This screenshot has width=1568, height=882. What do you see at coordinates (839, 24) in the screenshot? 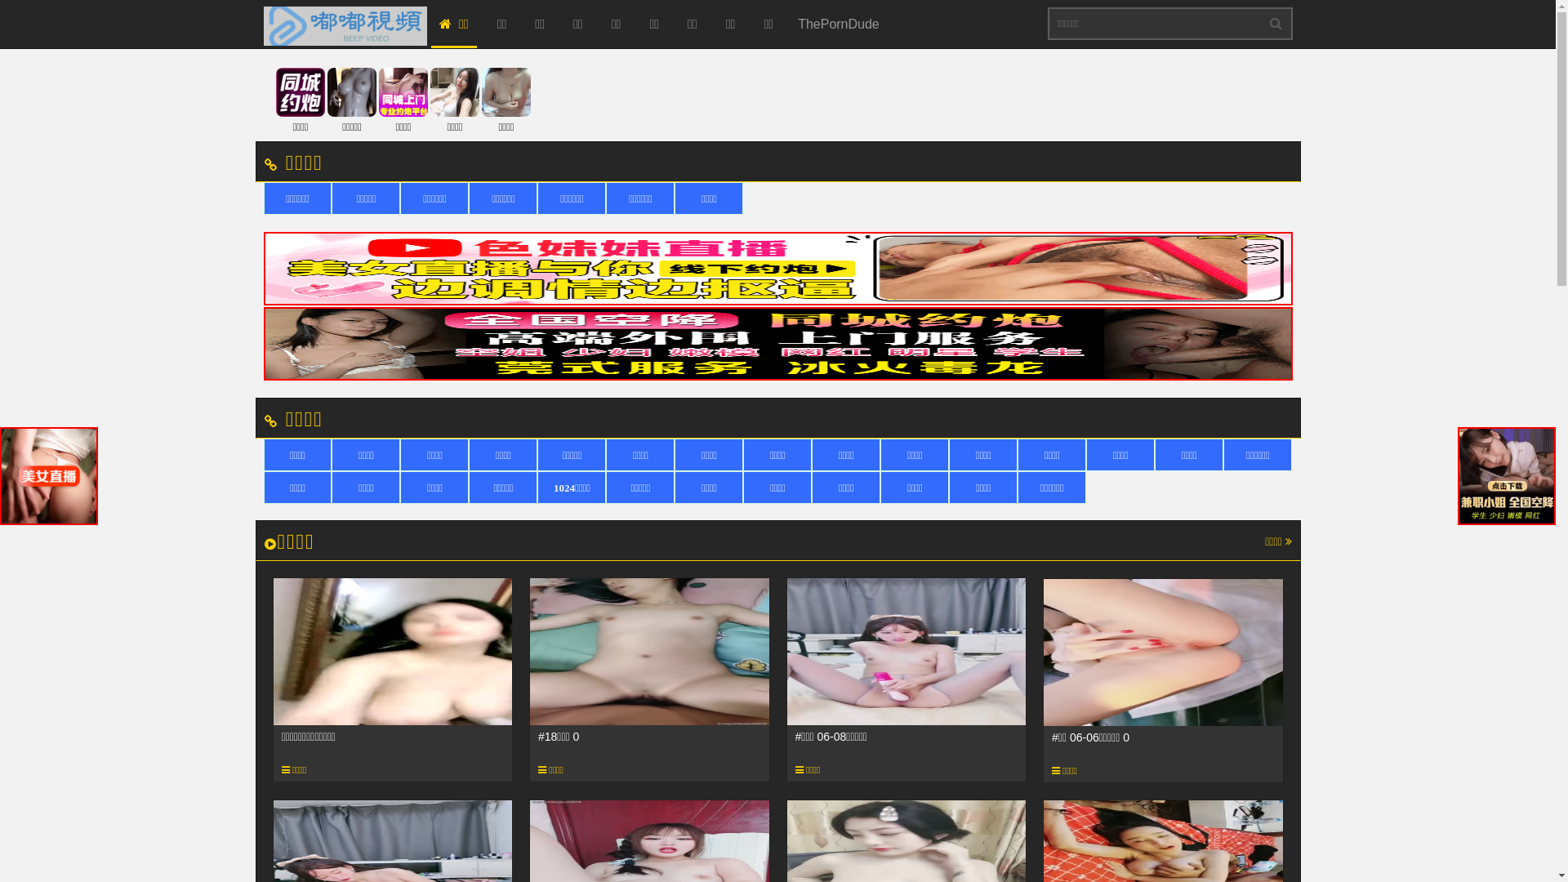
I see `'ThePornDude'` at bounding box center [839, 24].